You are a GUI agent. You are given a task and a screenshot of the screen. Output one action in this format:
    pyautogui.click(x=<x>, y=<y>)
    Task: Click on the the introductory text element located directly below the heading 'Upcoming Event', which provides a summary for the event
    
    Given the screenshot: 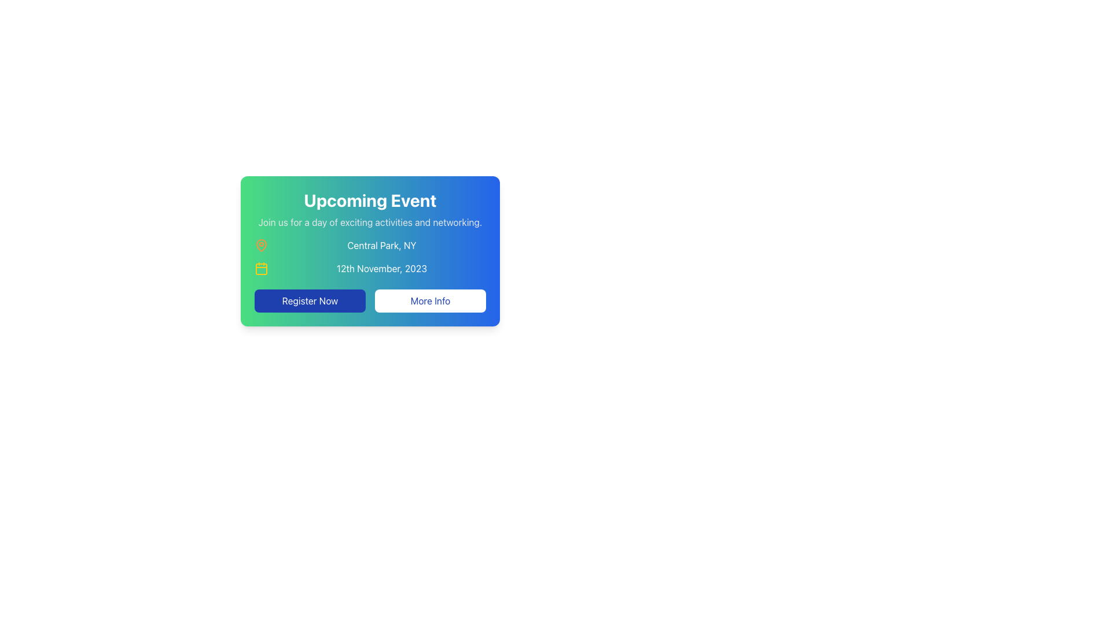 What is the action you would take?
    pyautogui.click(x=369, y=222)
    